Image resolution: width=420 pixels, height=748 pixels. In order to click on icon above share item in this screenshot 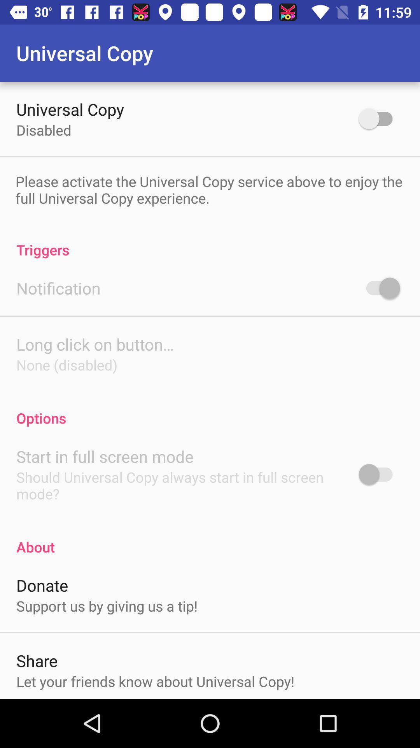, I will do `click(107, 605)`.